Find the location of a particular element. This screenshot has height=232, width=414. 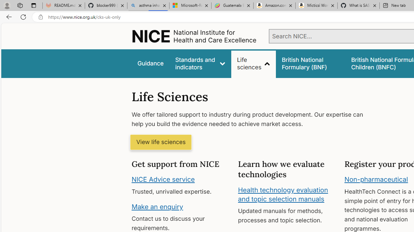

'Microsoft-Report a Concern to Bing' is located at coordinates (190, 5).